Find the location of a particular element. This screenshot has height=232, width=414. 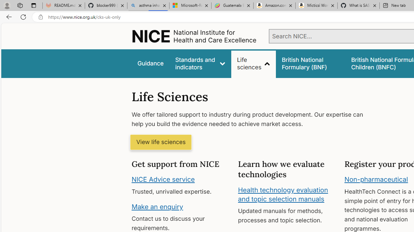

'Microsoft-Report a Concern to Bing' is located at coordinates (190, 5).